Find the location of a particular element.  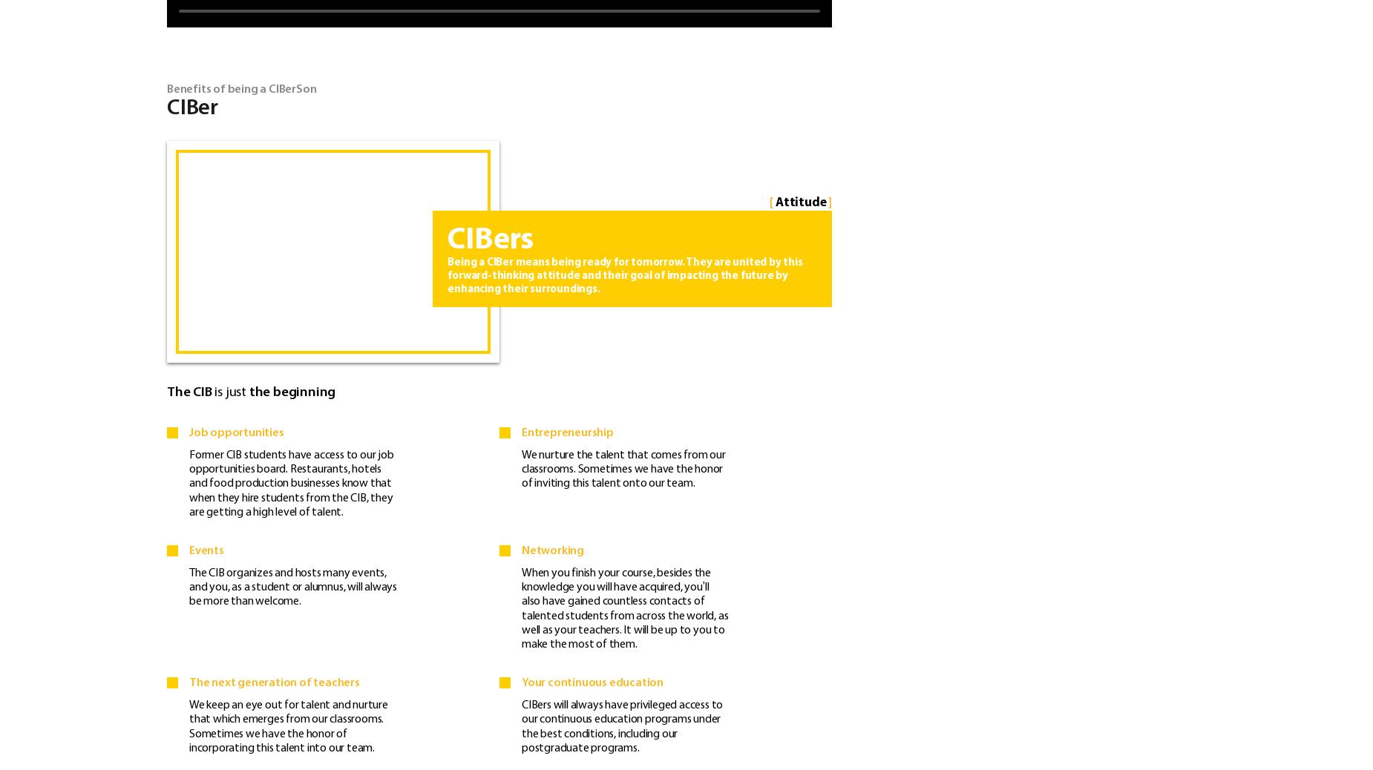

'the beginning' is located at coordinates (291, 391).